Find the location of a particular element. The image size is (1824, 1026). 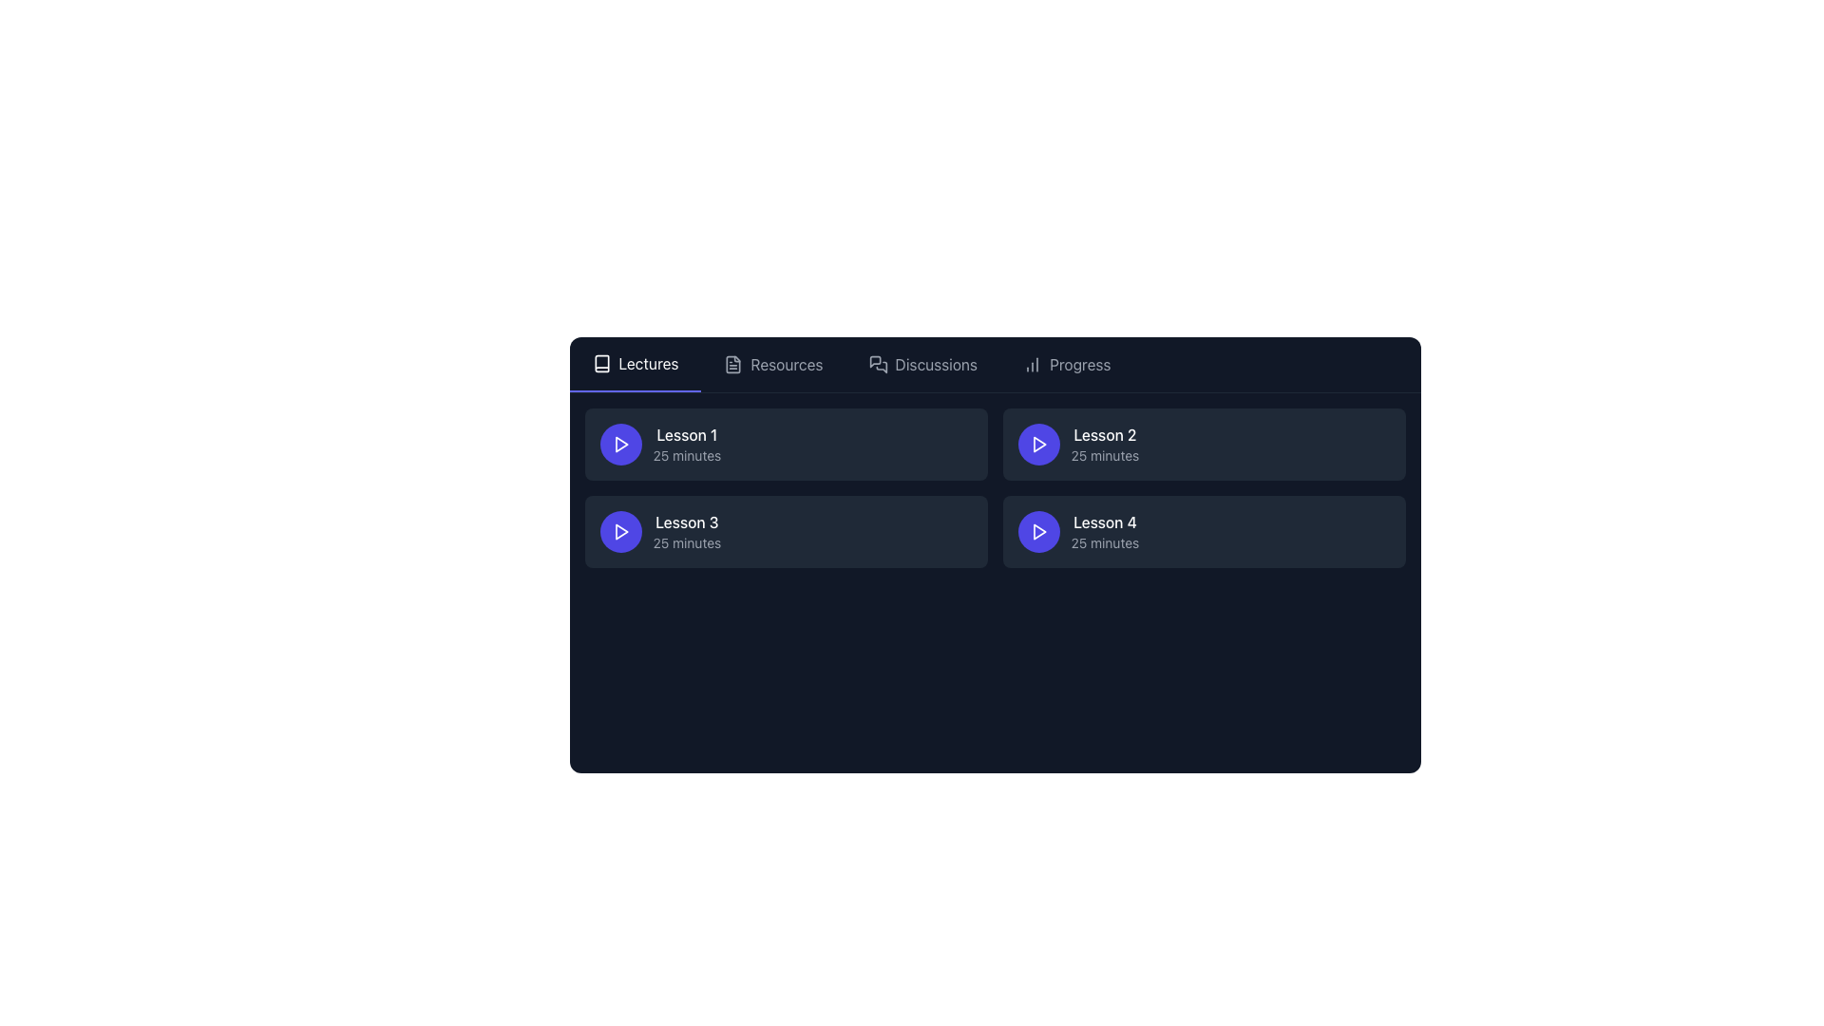

the play button located to the left of the text 'Lesson 2' is located at coordinates (1037, 444).